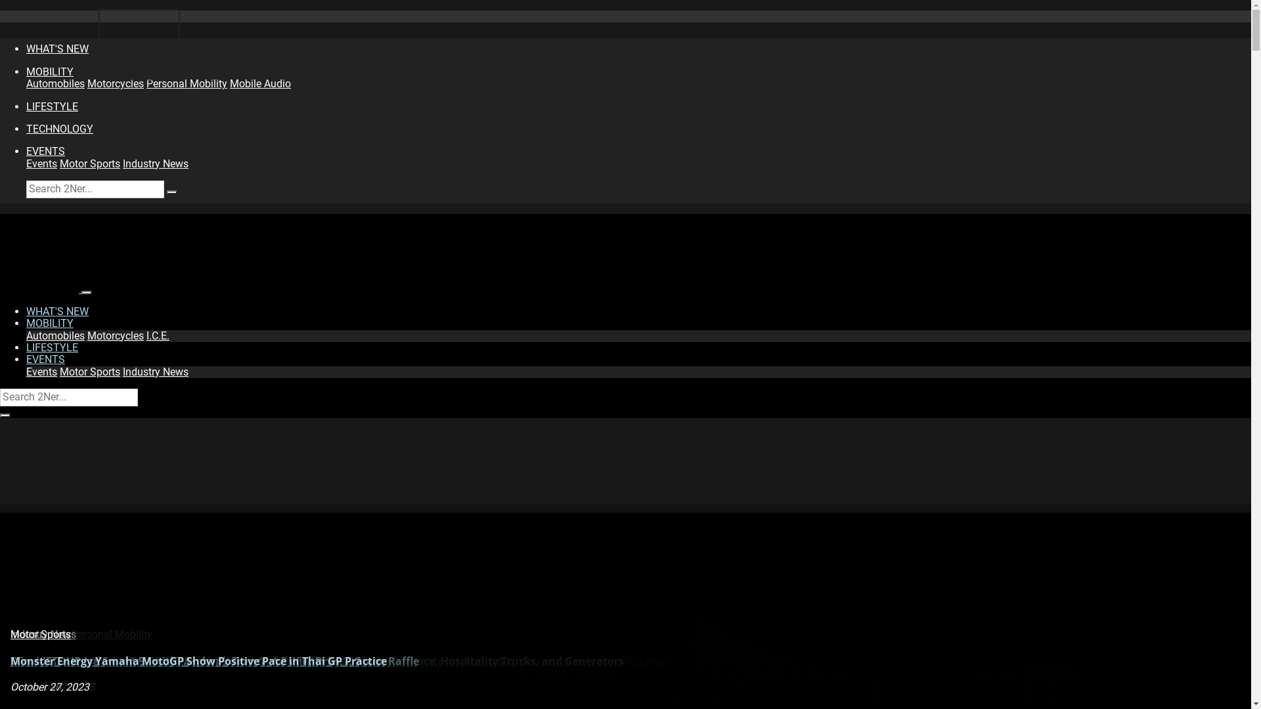 This screenshot has height=709, width=1261. What do you see at coordinates (116, 83) in the screenshot?
I see `'Motorcycles'` at bounding box center [116, 83].